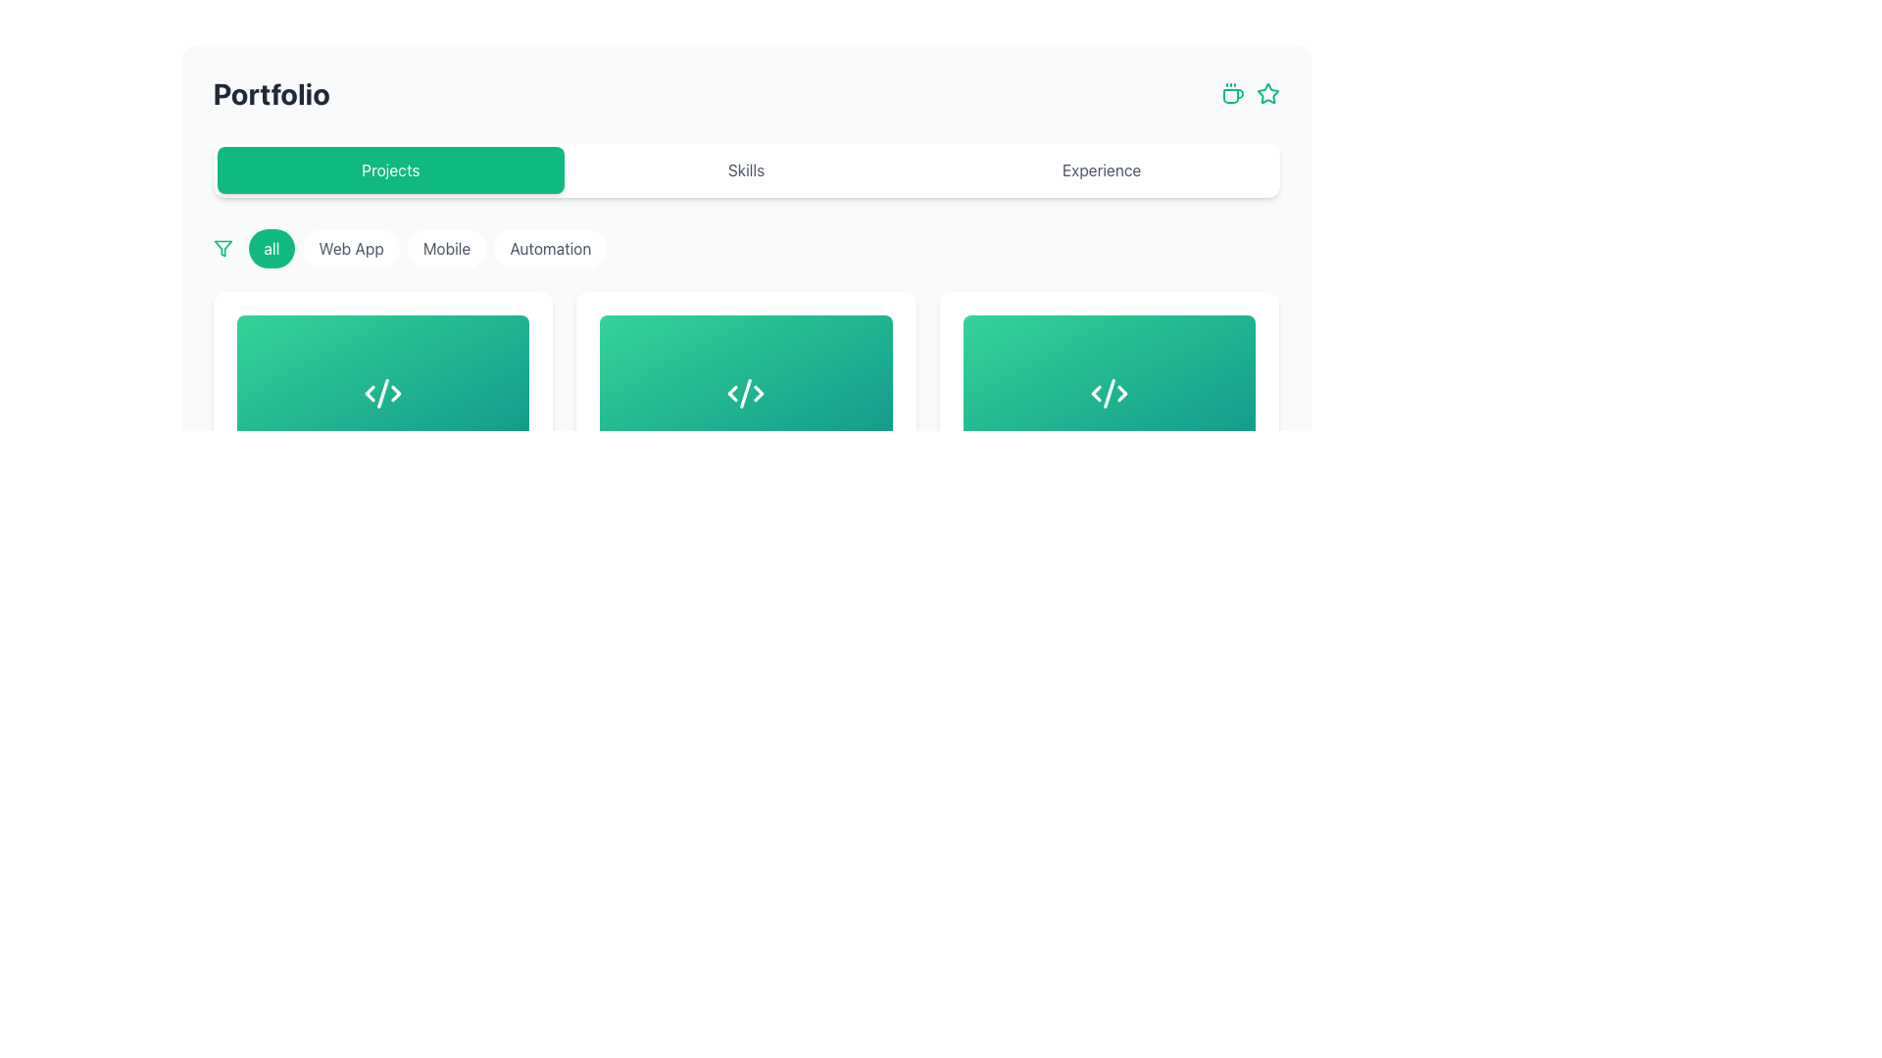 The width and height of the screenshot is (1882, 1058). I want to click on the third card in the horizontal list of project cards located under the 'Projects' tab, which serves as a visual entry point for exploring project details, so click(1110, 393).